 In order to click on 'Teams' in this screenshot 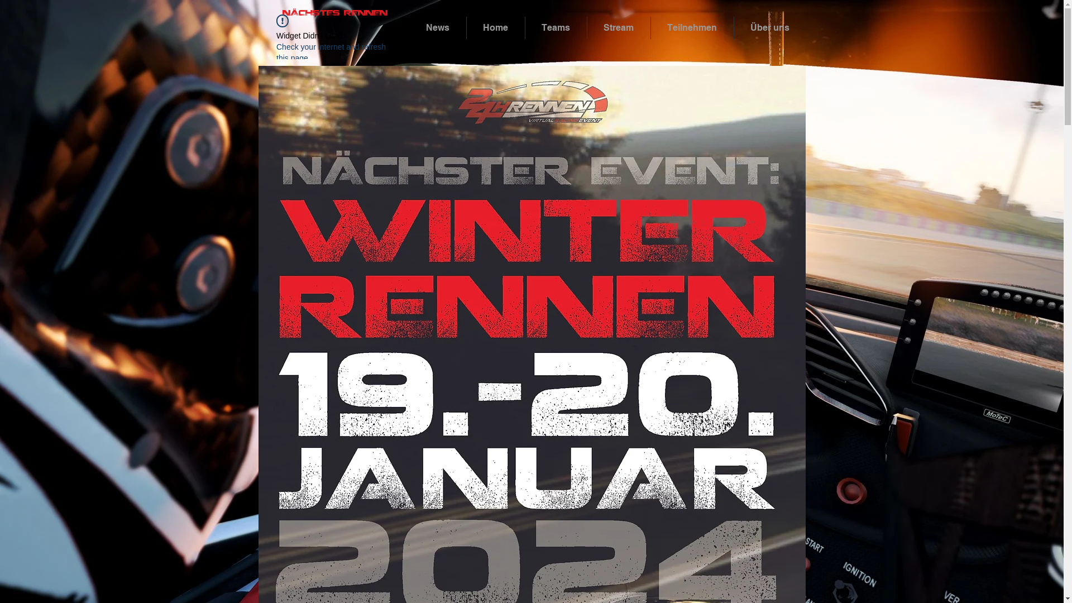, I will do `click(555, 27)`.